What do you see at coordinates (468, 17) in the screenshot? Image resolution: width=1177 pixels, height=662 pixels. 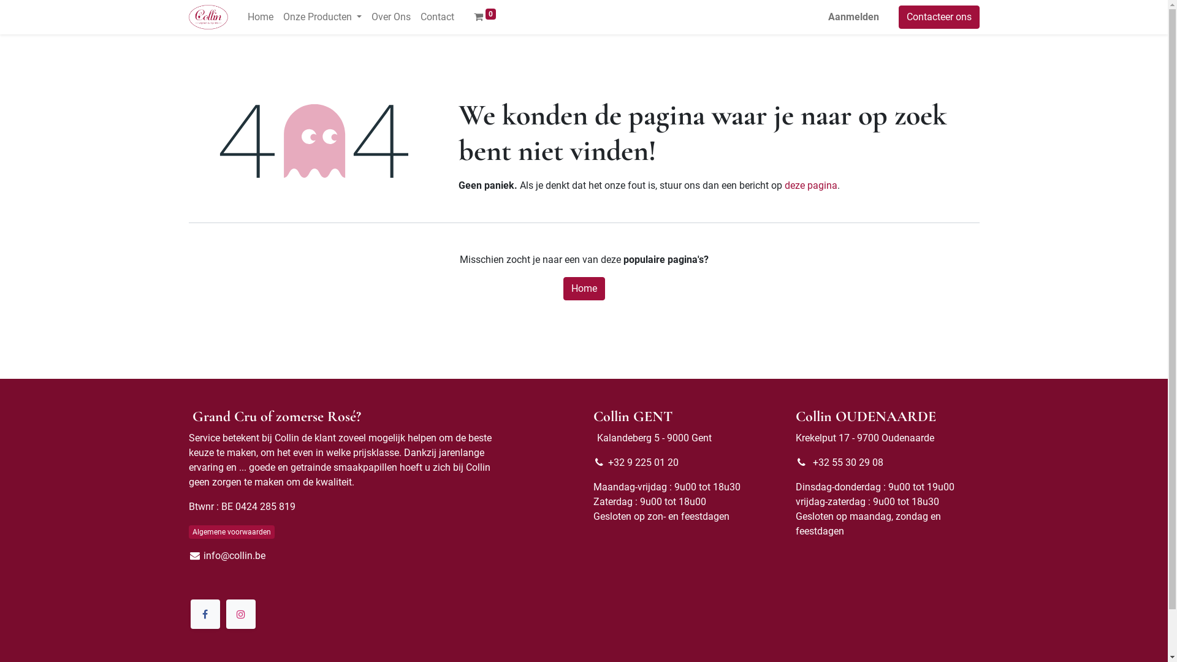 I see `'0'` at bounding box center [468, 17].